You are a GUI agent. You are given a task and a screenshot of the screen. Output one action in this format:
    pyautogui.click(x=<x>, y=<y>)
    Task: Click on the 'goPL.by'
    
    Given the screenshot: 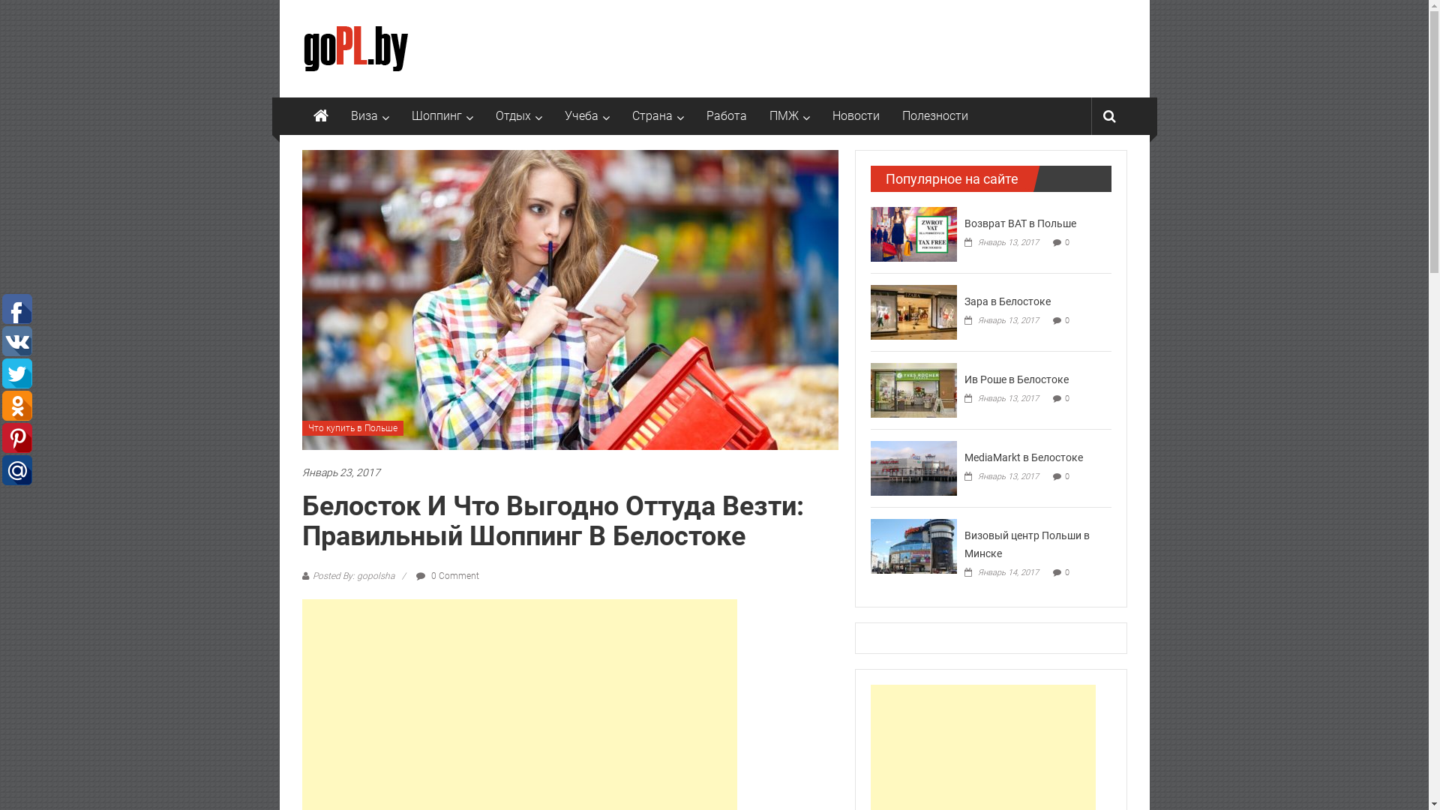 What is the action you would take?
    pyautogui.click(x=319, y=115)
    